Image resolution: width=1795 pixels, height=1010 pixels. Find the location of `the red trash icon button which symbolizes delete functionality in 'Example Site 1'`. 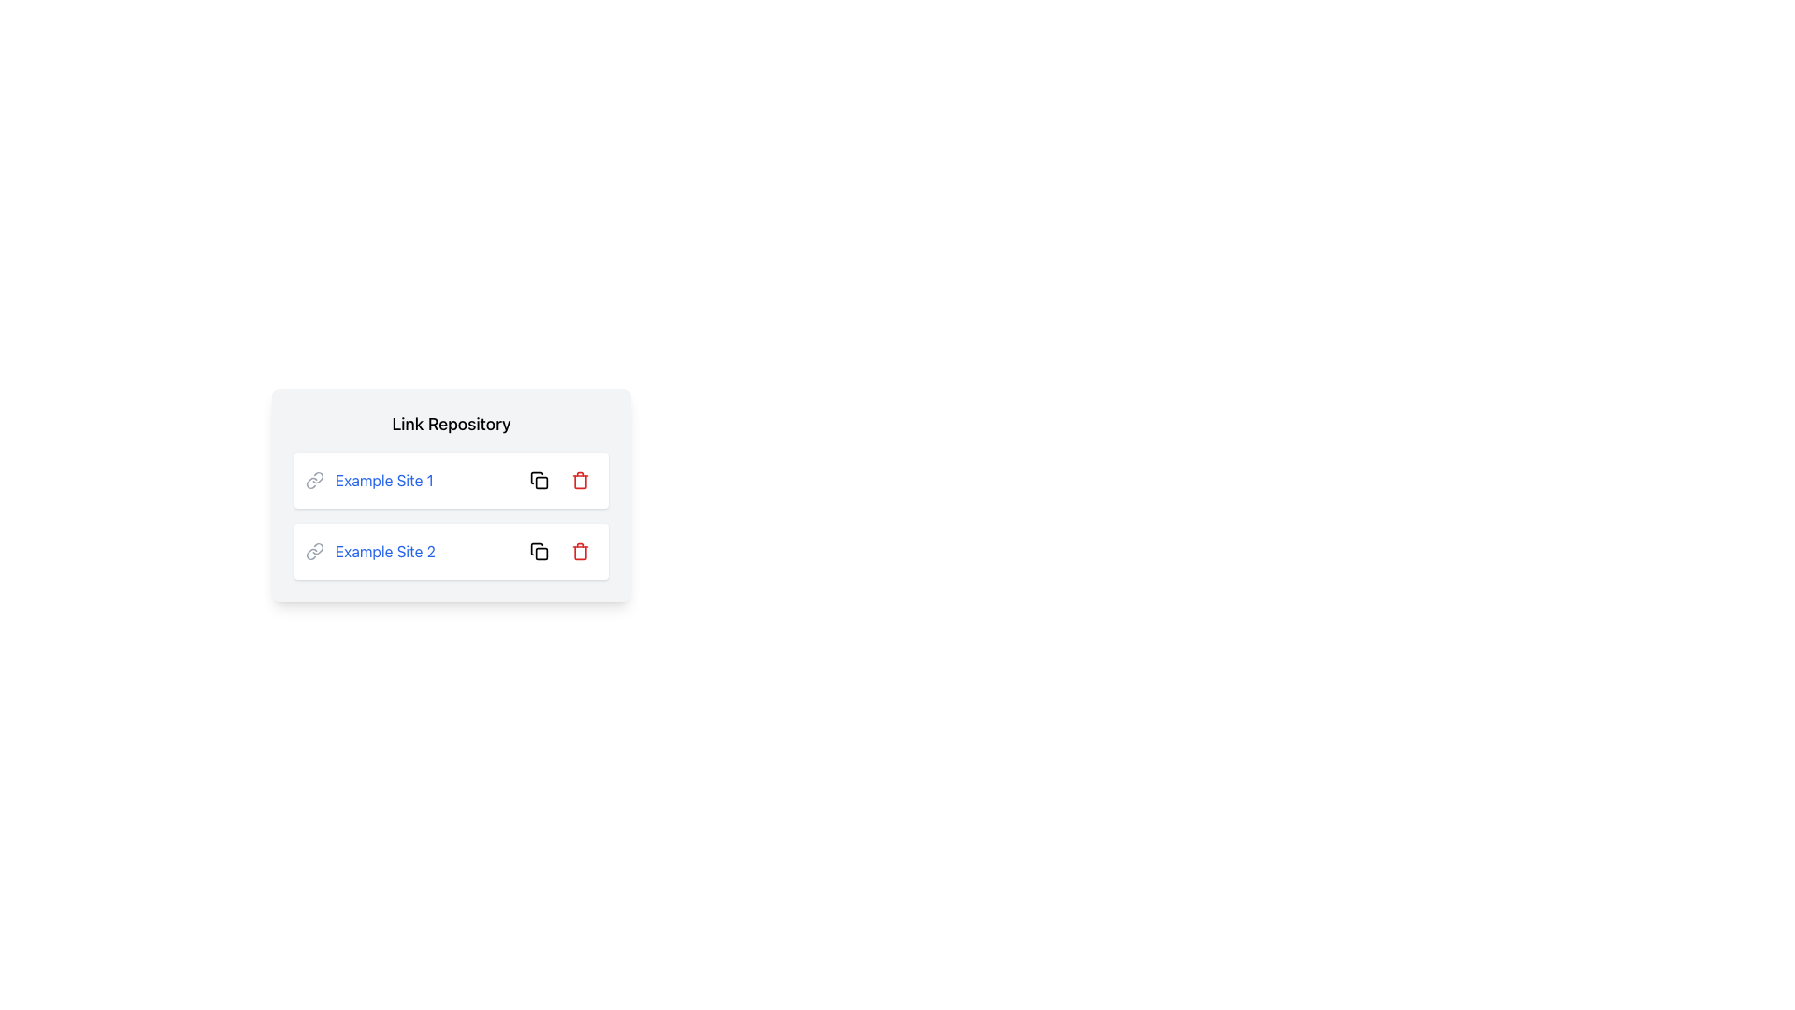

the red trash icon button which symbolizes delete functionality in 'Example Site 1' is located at coordinates (579, 479).